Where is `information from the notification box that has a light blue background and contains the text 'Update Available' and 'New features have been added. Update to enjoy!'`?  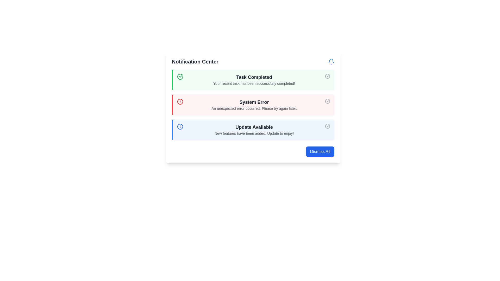 information from the notification box that has a light blue background and contains the text 'Update Available' and 'New features have been added. Update to enjoy!' is located at coordinates (253, 129).